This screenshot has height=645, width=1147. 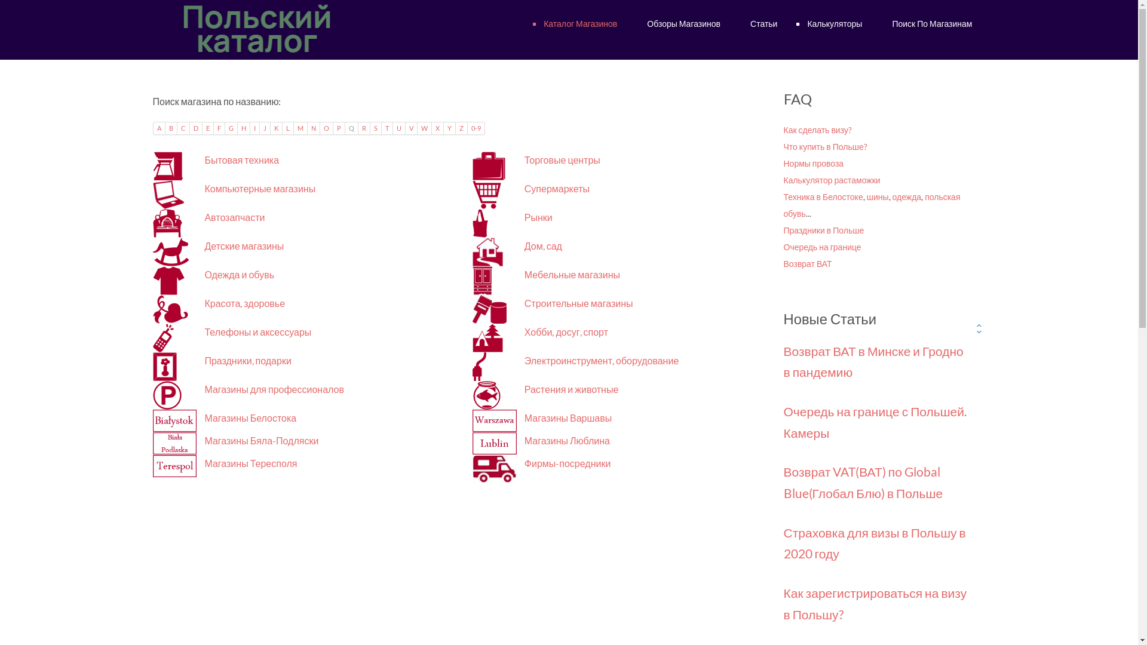 I want to click on 'J', so click(x=263, y=128).